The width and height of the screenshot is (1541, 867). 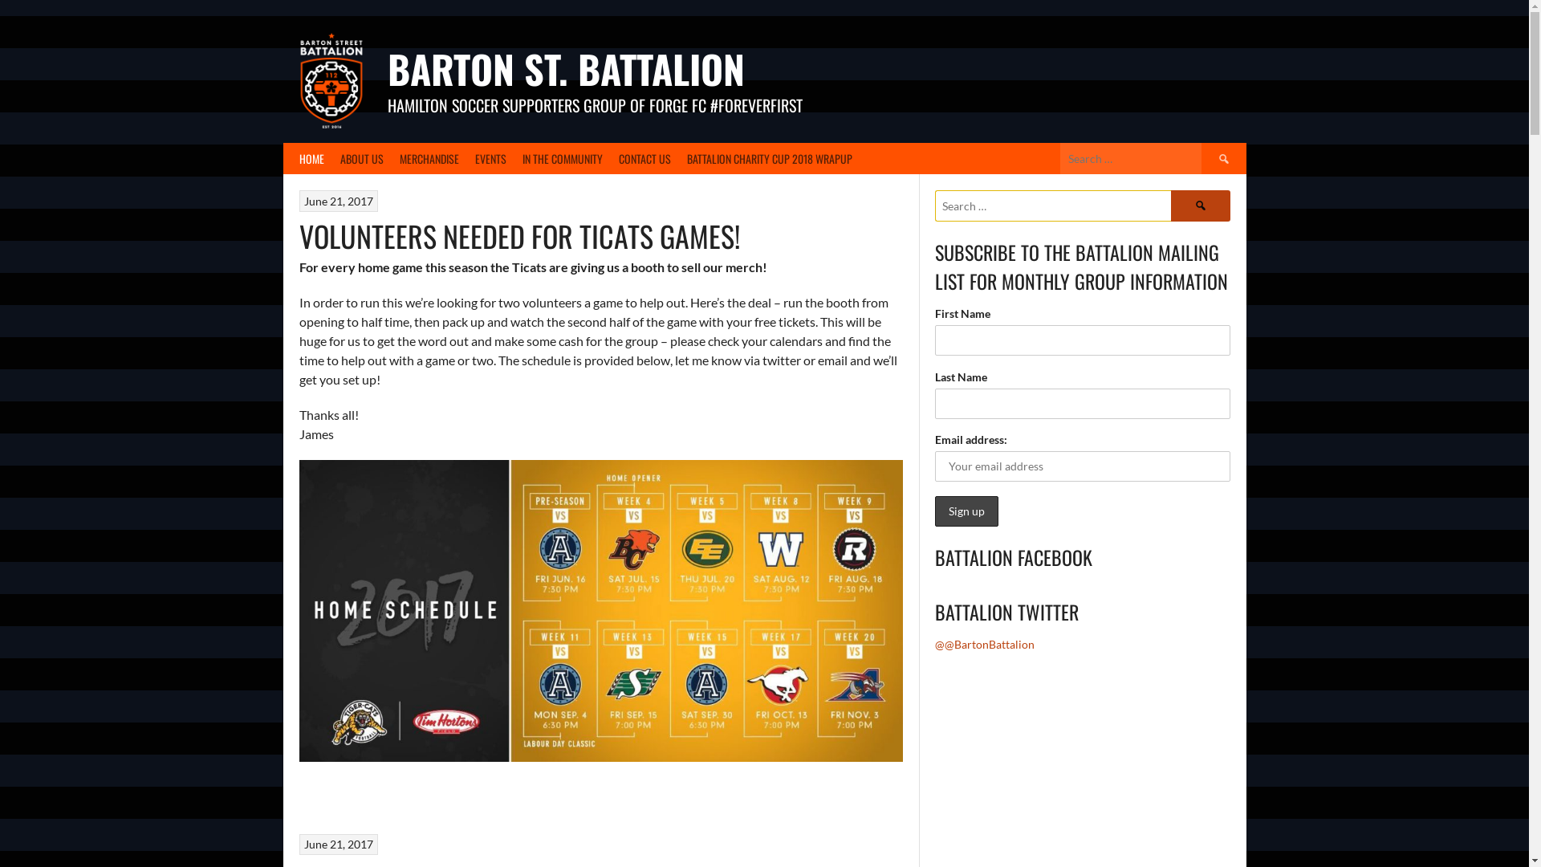 What do you see at coordinates (982, 643) in the screenshot?
I see `'@@BartonBattalion'` at bounding box center [982, 643].